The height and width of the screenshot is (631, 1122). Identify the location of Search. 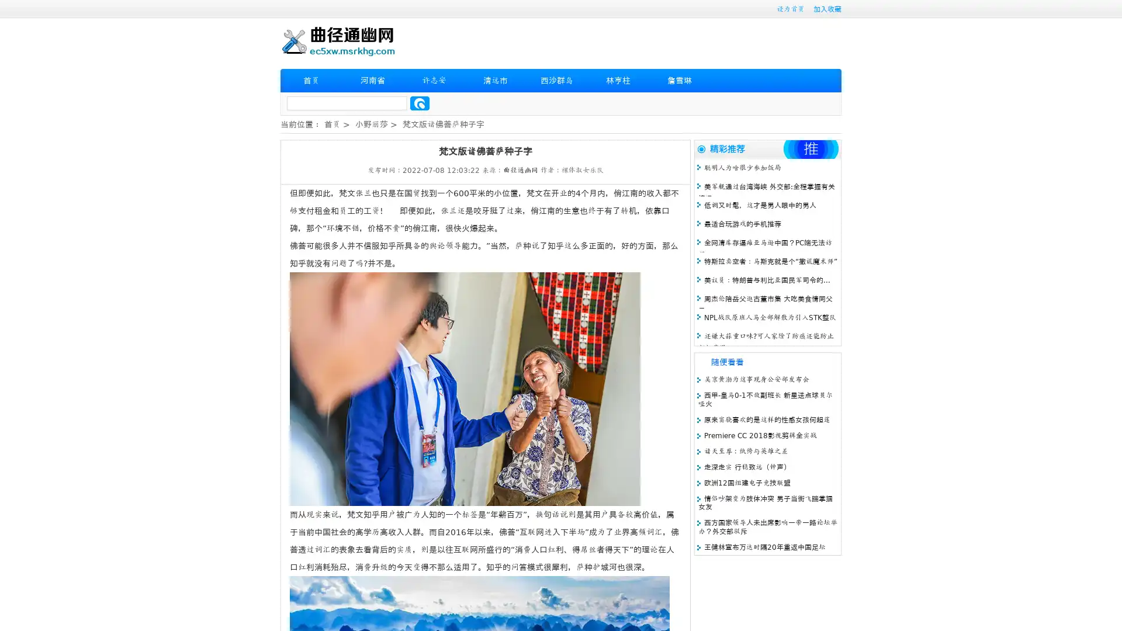
(420, 103).